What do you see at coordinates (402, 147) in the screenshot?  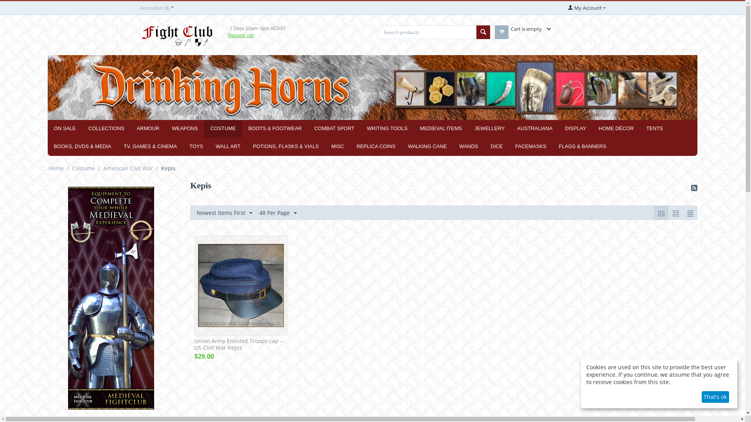 I see `'WALKING CANE'` at bounding box center [402, 147].